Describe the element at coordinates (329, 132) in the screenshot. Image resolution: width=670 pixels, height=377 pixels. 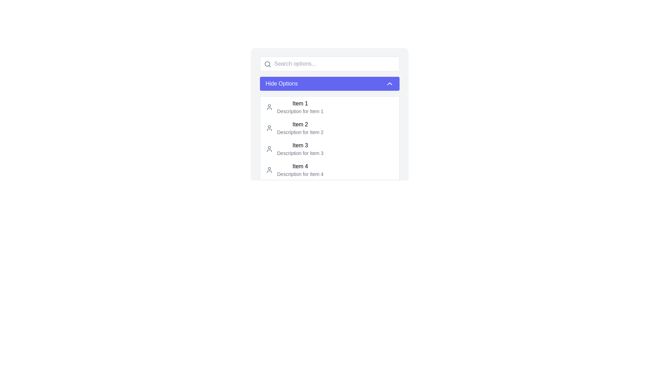
I see `the second item in the selectable list displayed under the 'Hide Options' dropdown` at that location.